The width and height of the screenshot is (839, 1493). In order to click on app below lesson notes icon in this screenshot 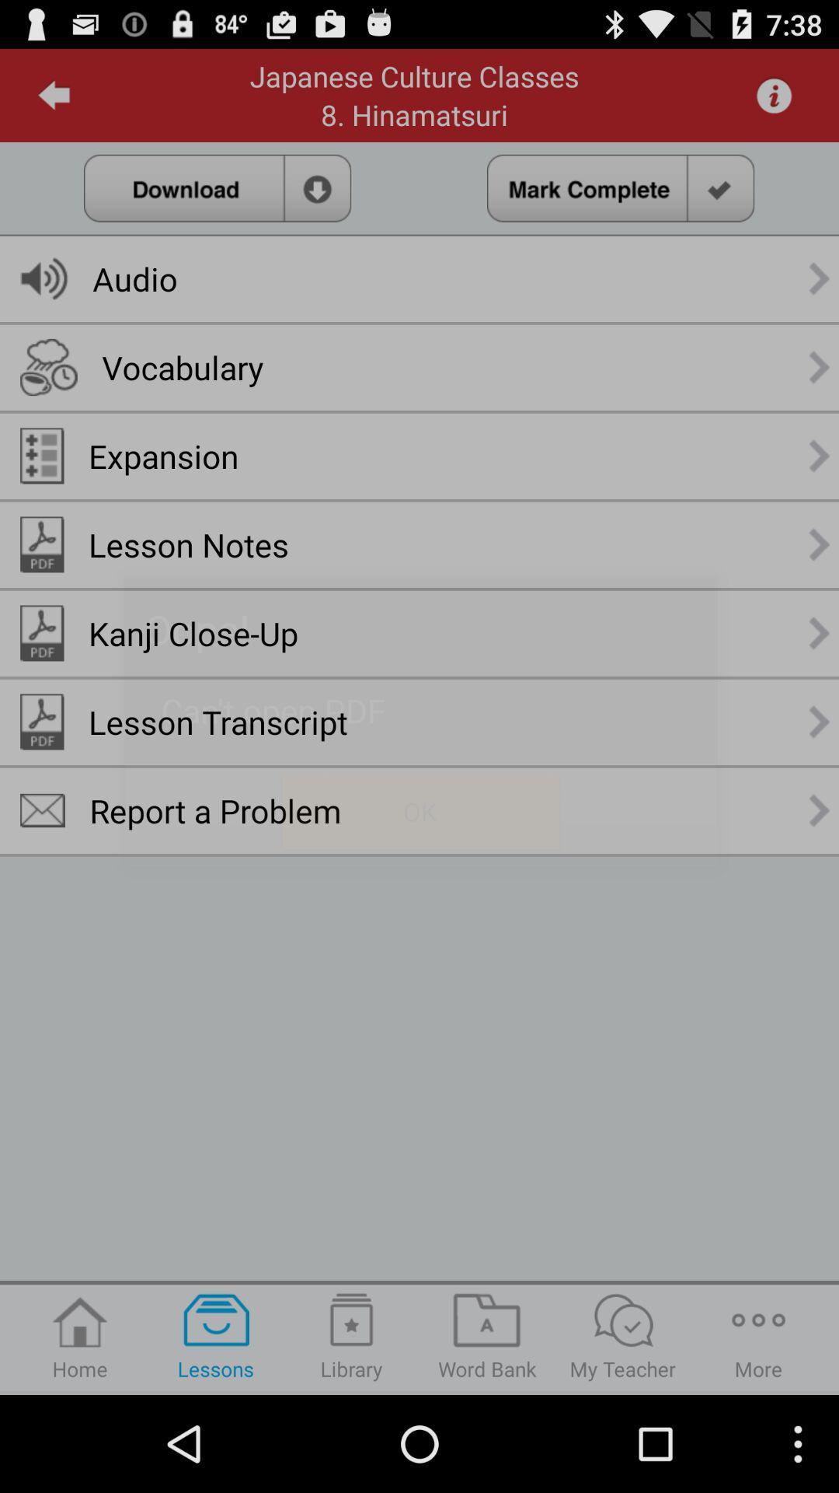, I will do `click(193, 633)`.